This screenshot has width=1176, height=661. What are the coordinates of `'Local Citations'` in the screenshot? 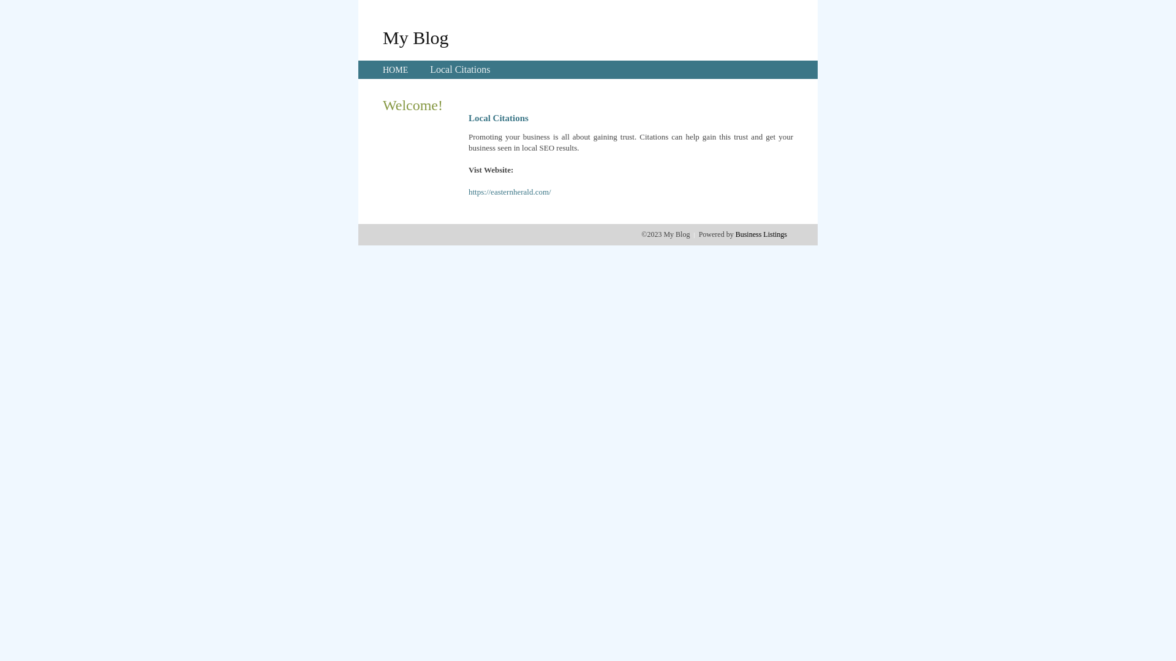 It's located at (429, 69).